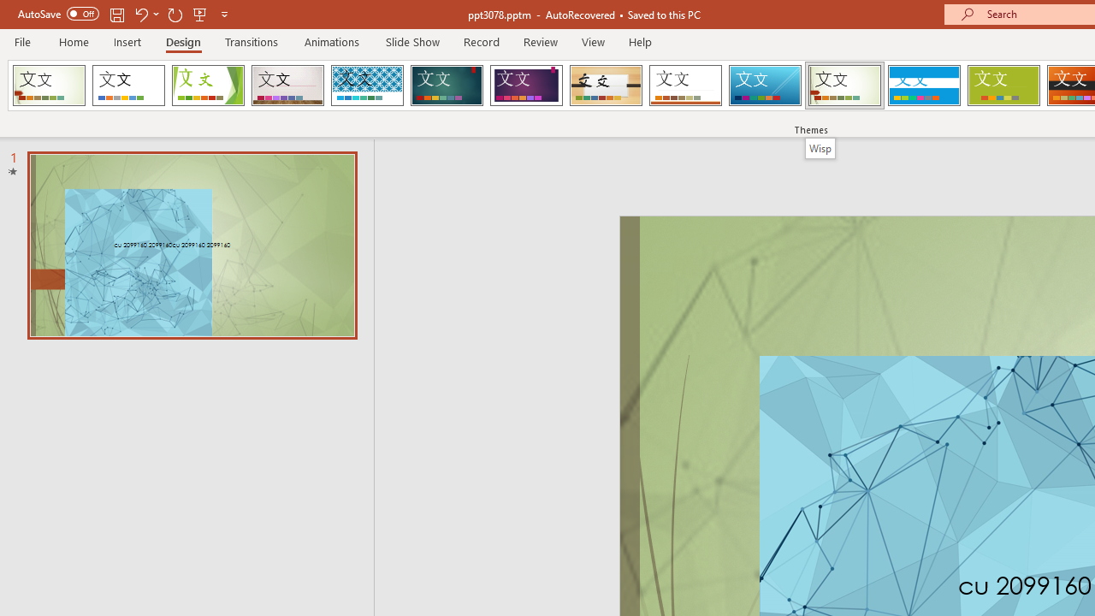 The width and height of the screenshot is (1095, 616). What do you see at coordinates (175, 14) in the screenshot?
I see `'Redo'` at bounding box center [175, 14].